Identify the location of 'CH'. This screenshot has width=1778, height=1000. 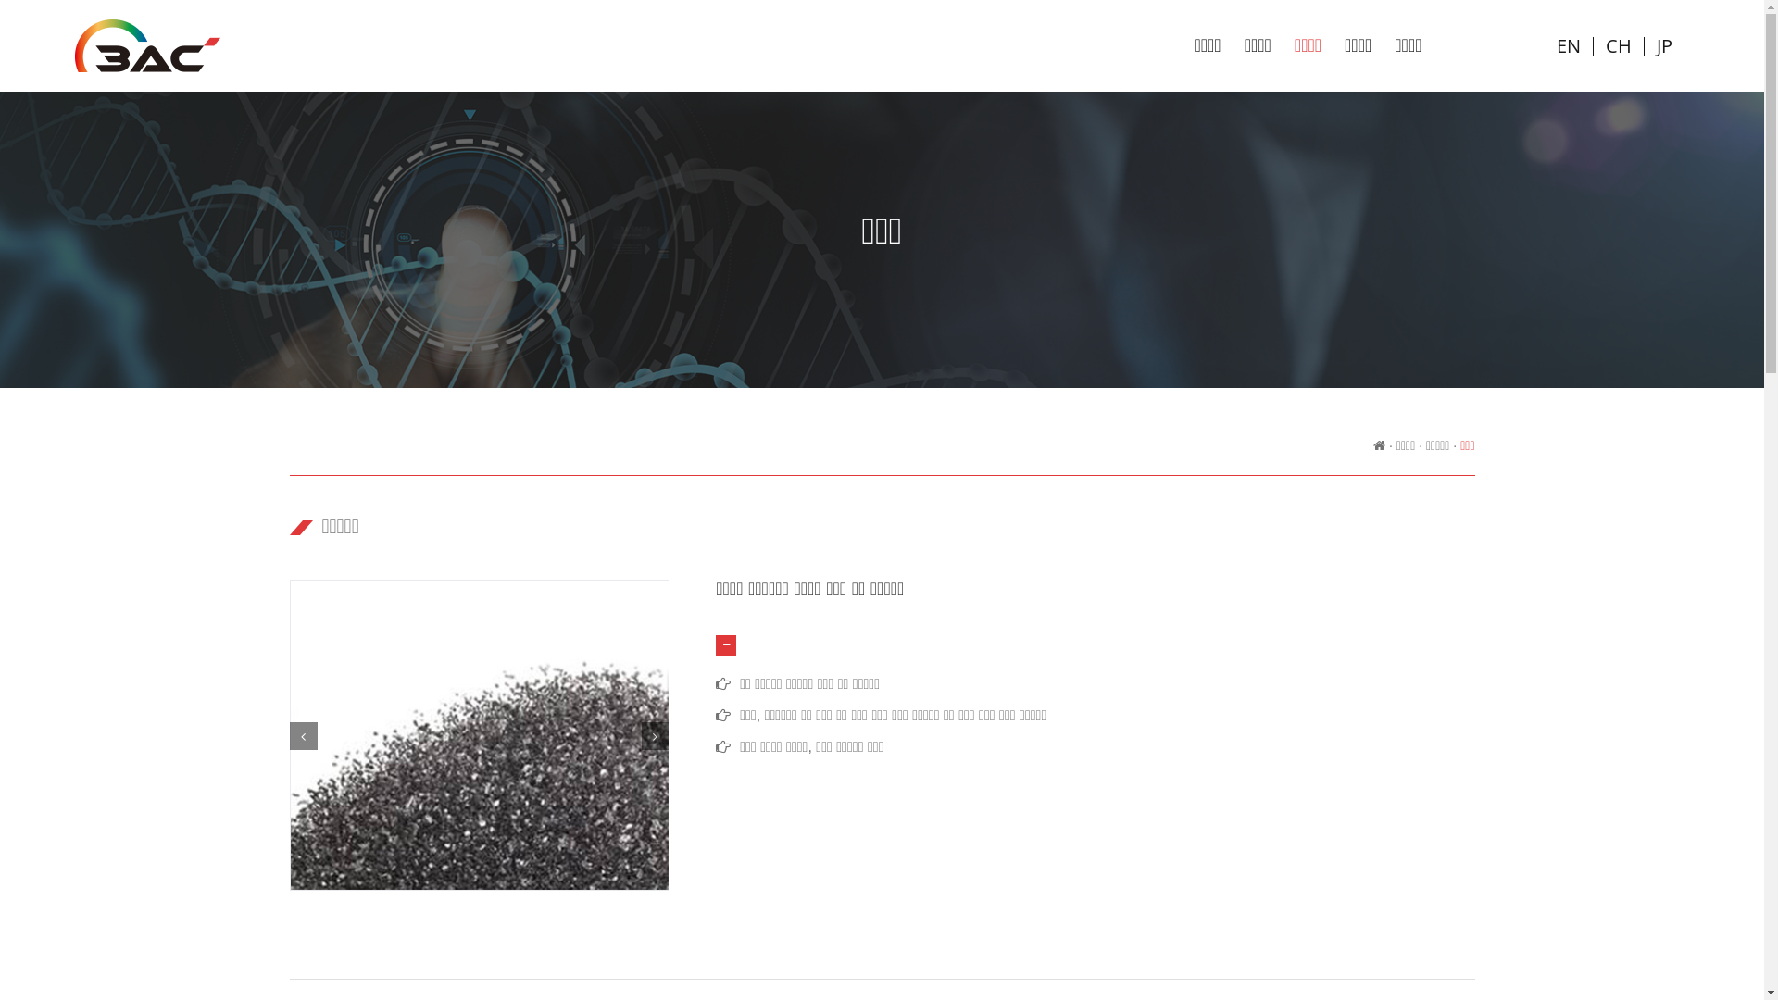
(1617, 45).